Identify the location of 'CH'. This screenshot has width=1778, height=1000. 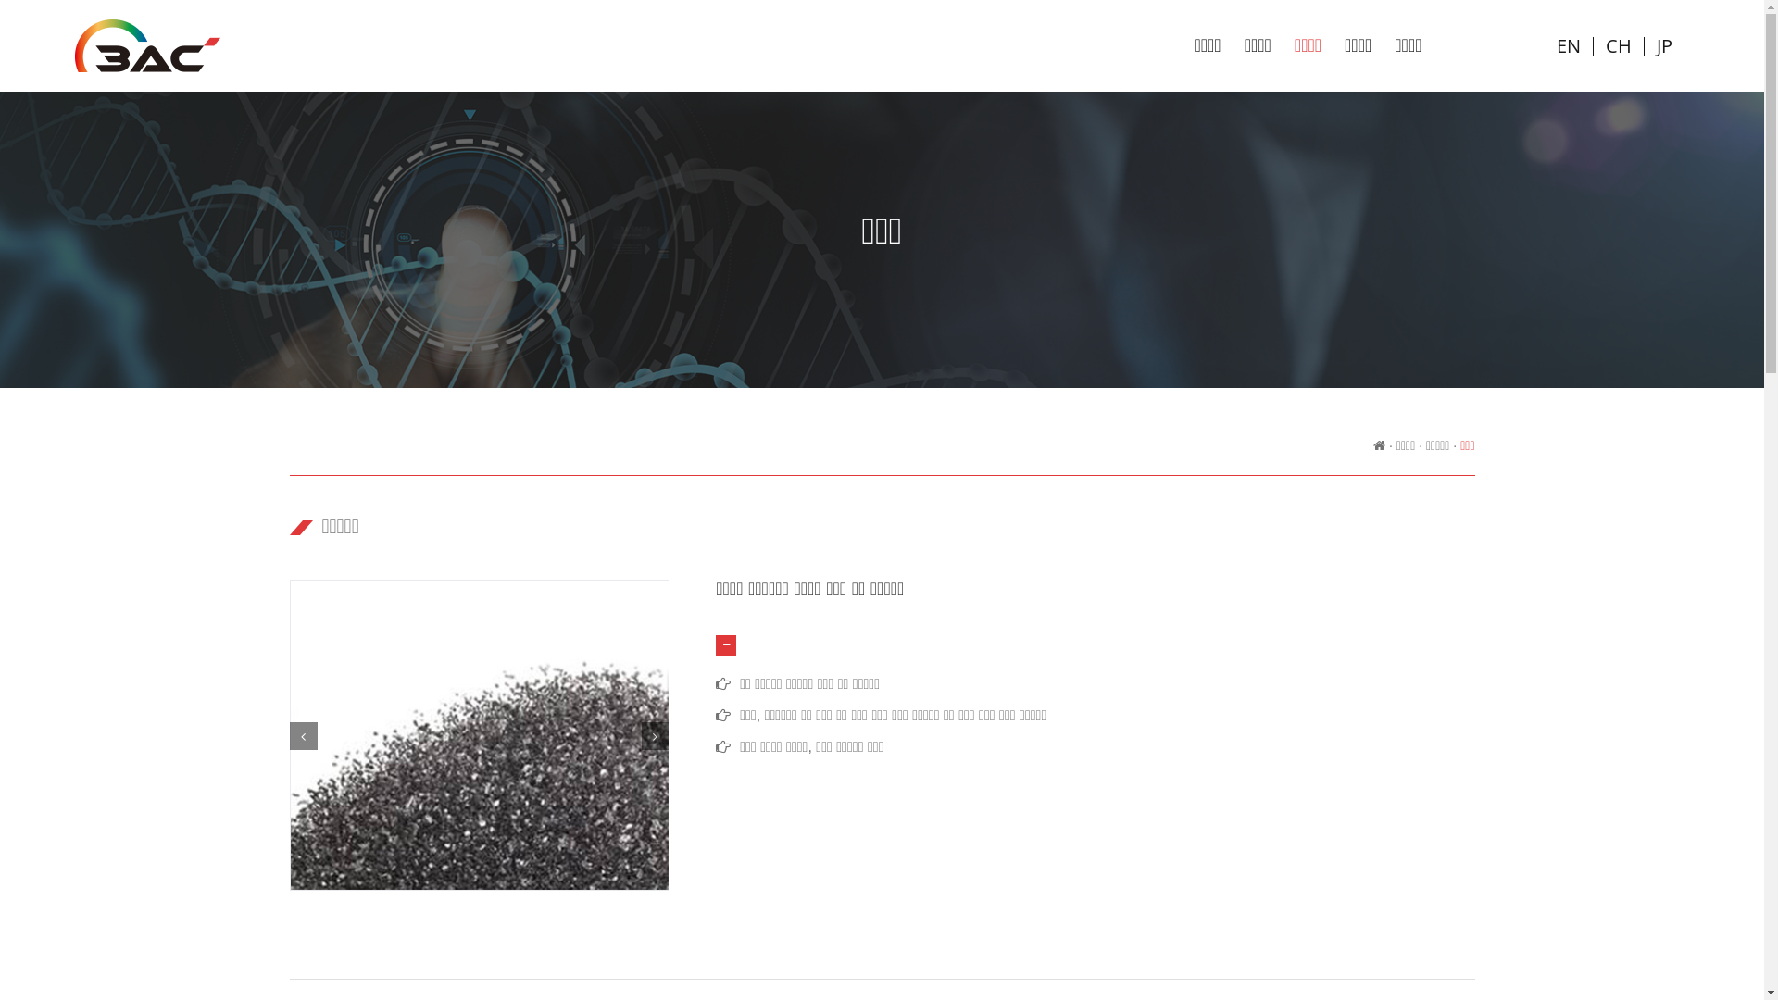
(1617, 45).